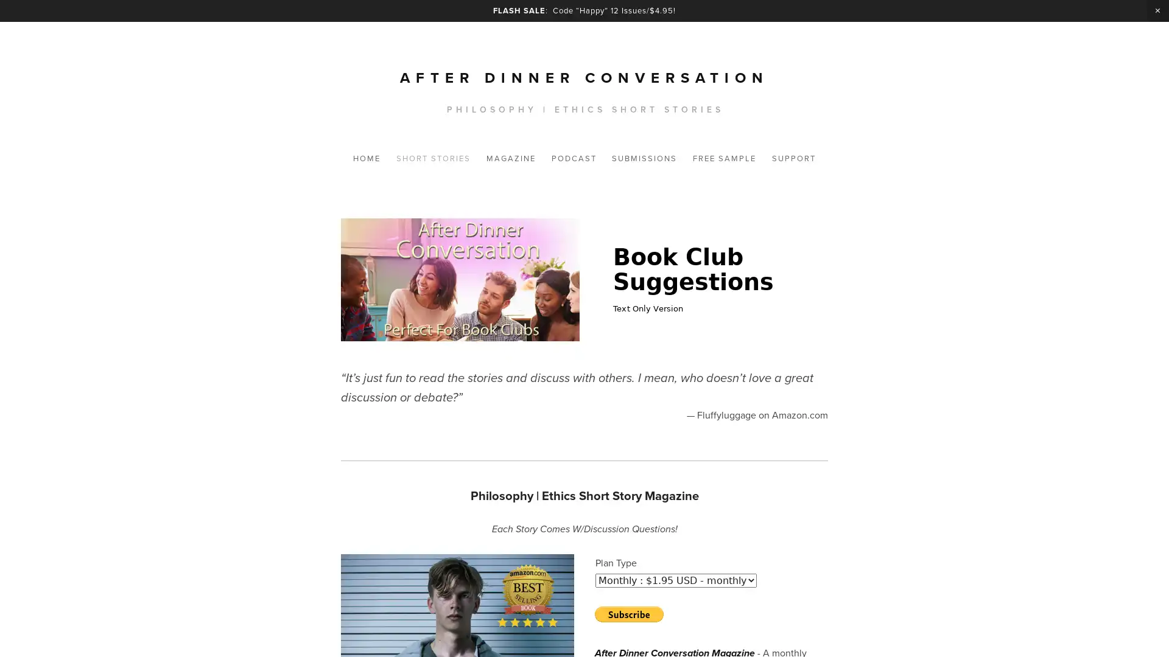  I want to click on PayPal - The safer, easier way to pay online!, so click(629, 614).